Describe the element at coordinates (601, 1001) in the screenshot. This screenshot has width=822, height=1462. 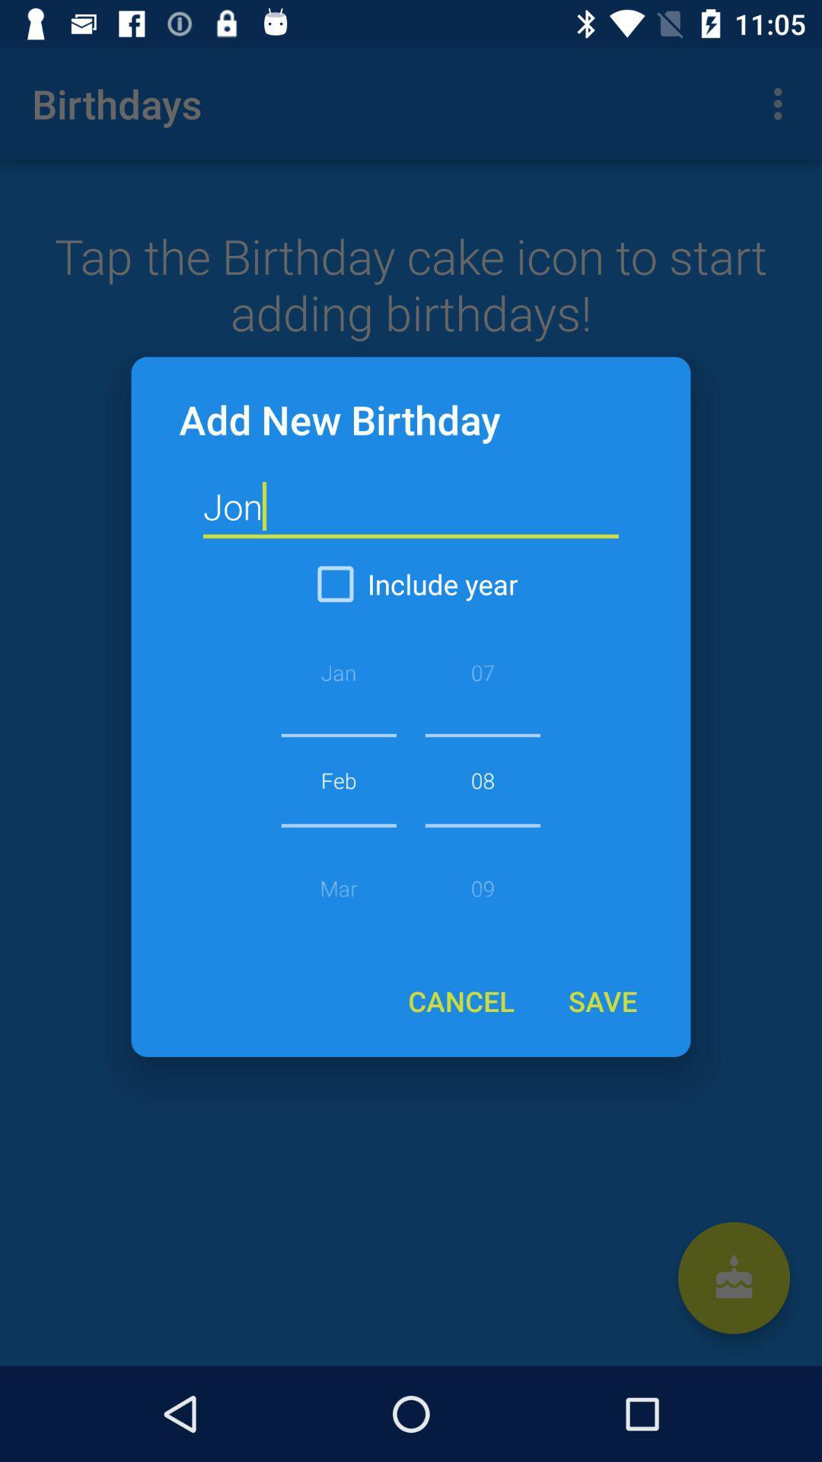
I see `the icon to the right of the cancel item` at that location.